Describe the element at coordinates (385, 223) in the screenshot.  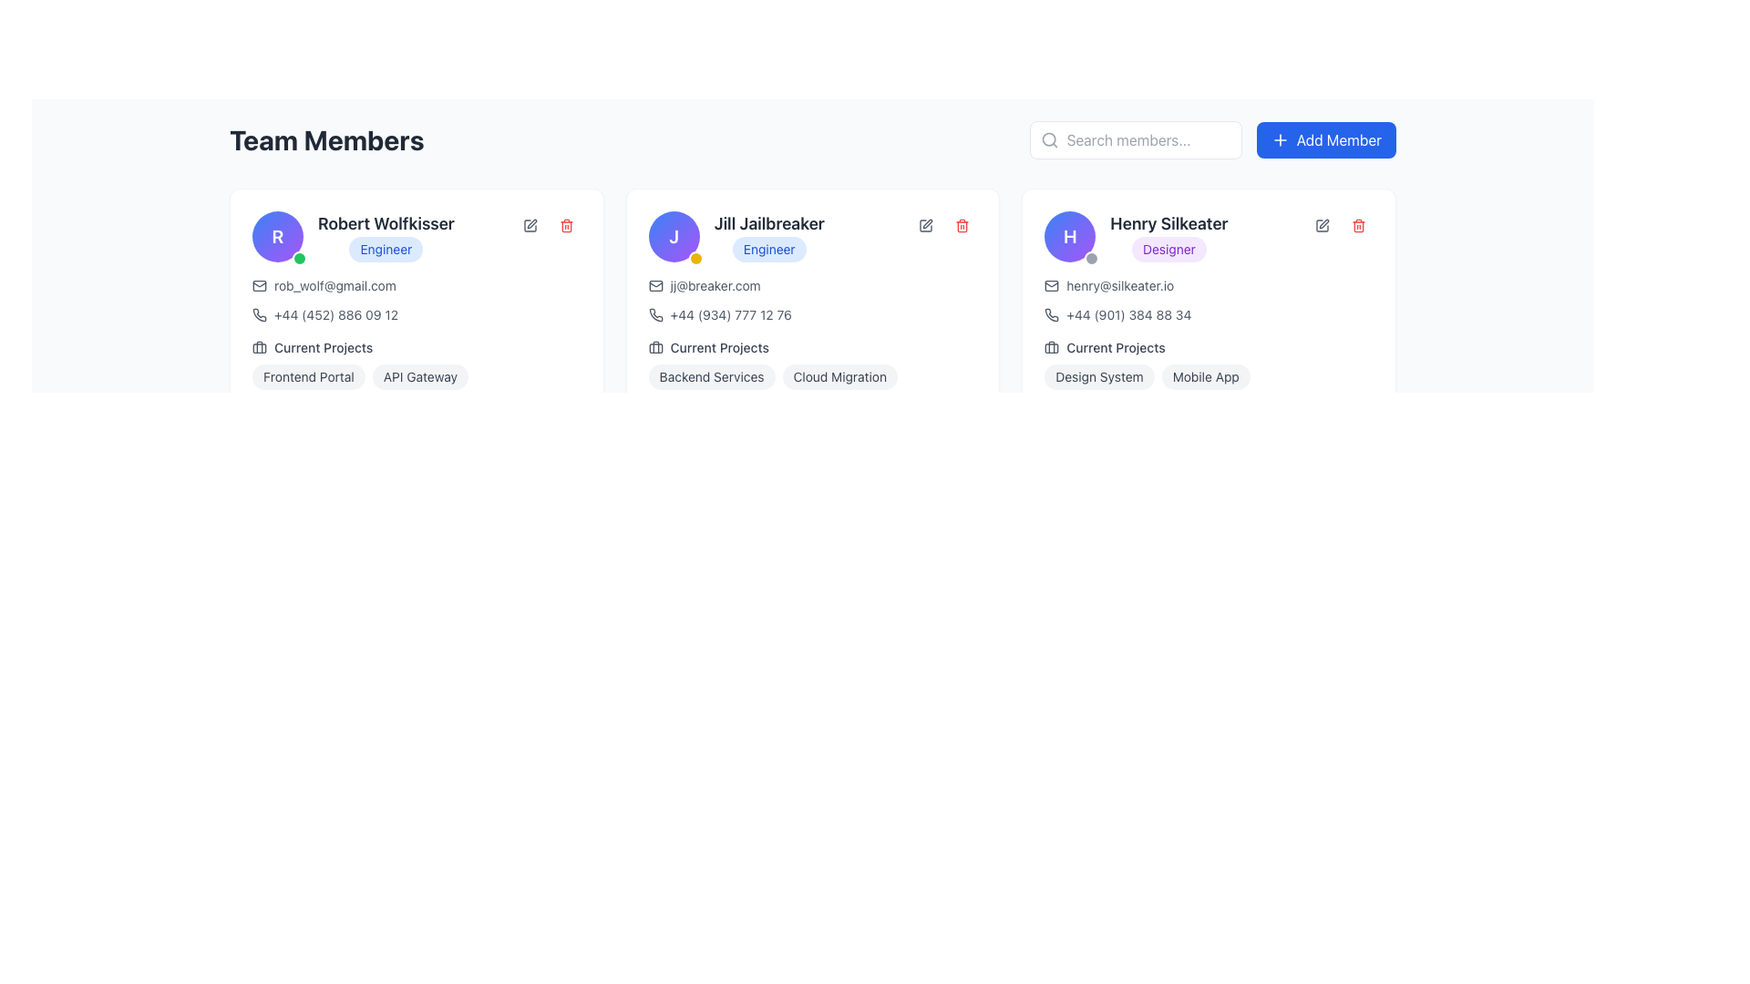
I see `the static text displaying the name 'Robert Wolfkisser', which is styled in a bold font and located within the first card under the header 'Team Members'` at that location.